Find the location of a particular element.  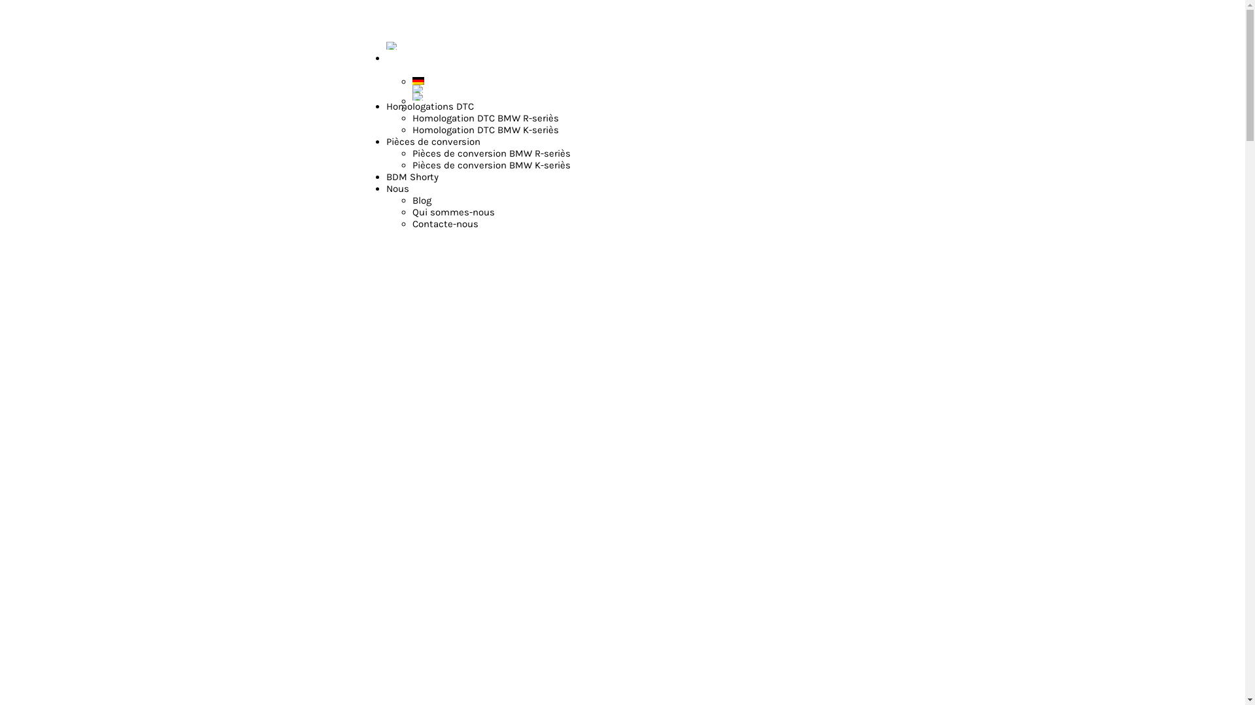

'Nous' is located at coordinates (385, 189).